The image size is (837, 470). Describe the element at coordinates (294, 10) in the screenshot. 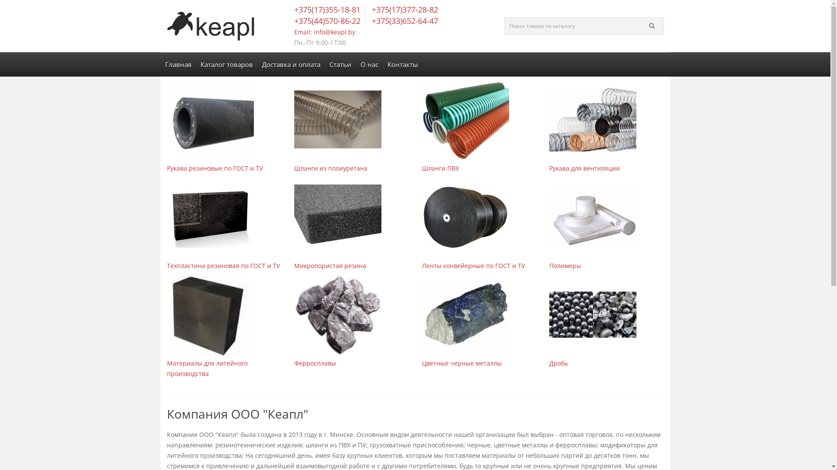

I see `'+375(17)355-18-81'` at that location.